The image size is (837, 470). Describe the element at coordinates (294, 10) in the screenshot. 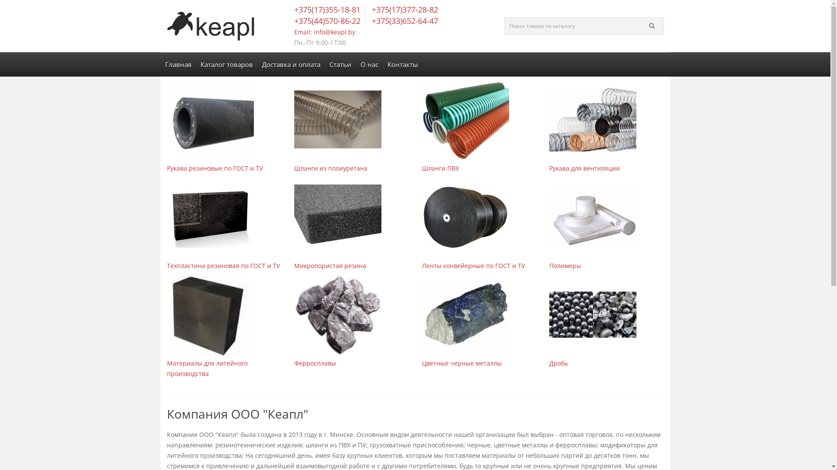

I see `'+375(17)355-18-81'` at that location.